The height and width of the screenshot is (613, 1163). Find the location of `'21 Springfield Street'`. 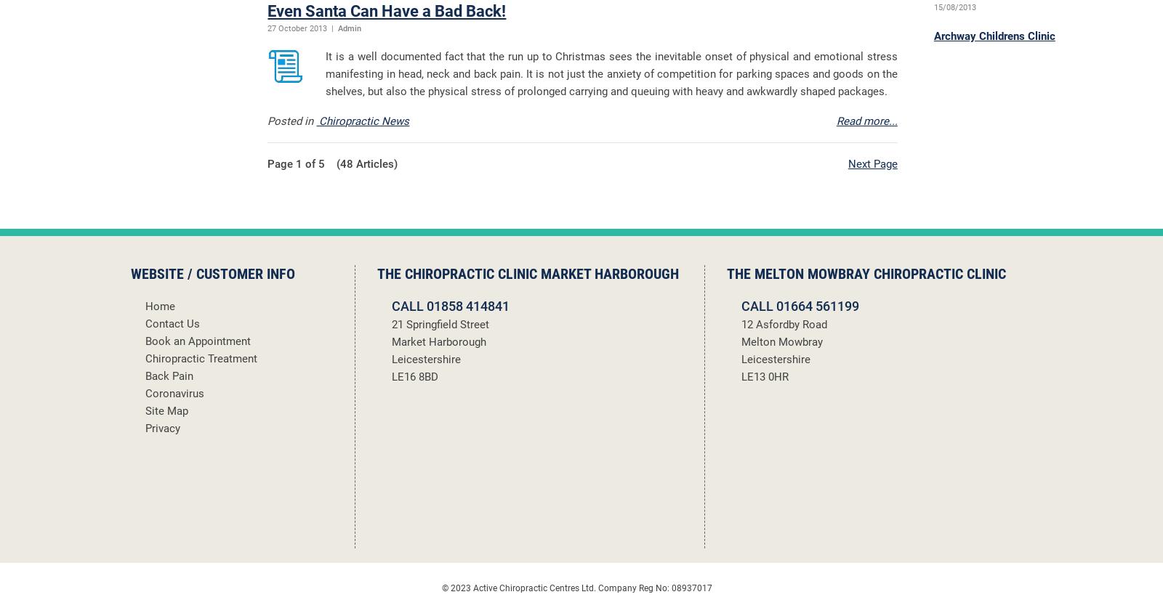

'21 Springfield Street' is located at coordinates (440, 322).